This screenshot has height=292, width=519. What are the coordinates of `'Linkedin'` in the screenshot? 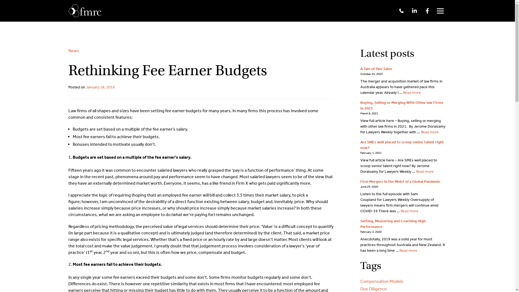 It's located at (414, 11).